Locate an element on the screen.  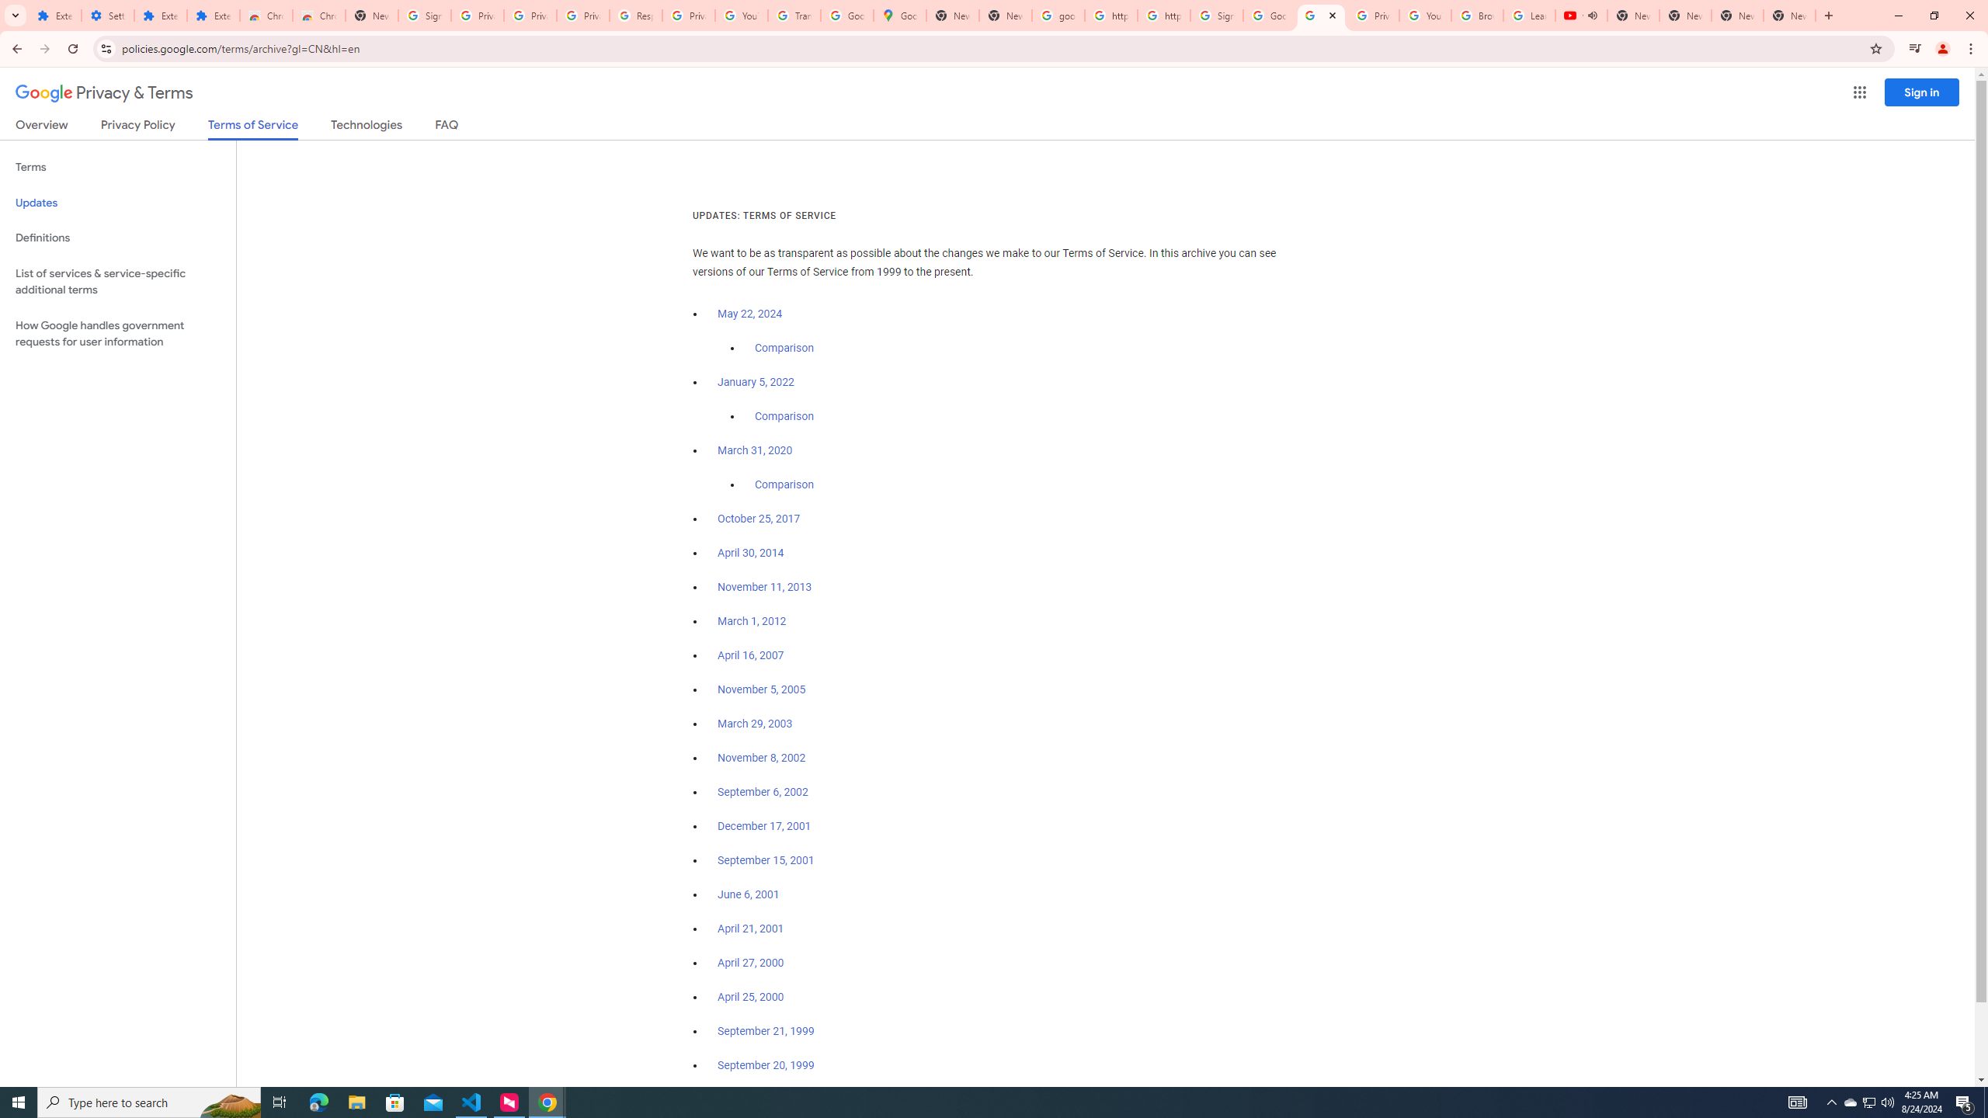
'May 22, 2024' is located at coordinates (750, 314).